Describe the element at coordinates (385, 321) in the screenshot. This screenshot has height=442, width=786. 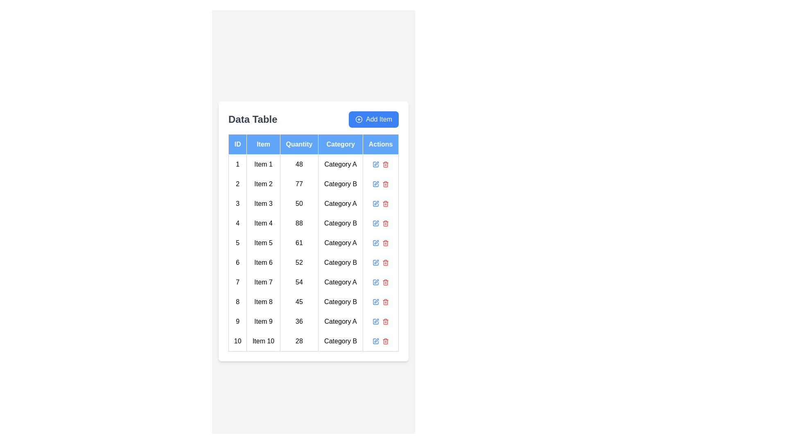
I see `the red trash can icon button located in the ninth row of the actions column of the table, next to 'Category A'` at that location.